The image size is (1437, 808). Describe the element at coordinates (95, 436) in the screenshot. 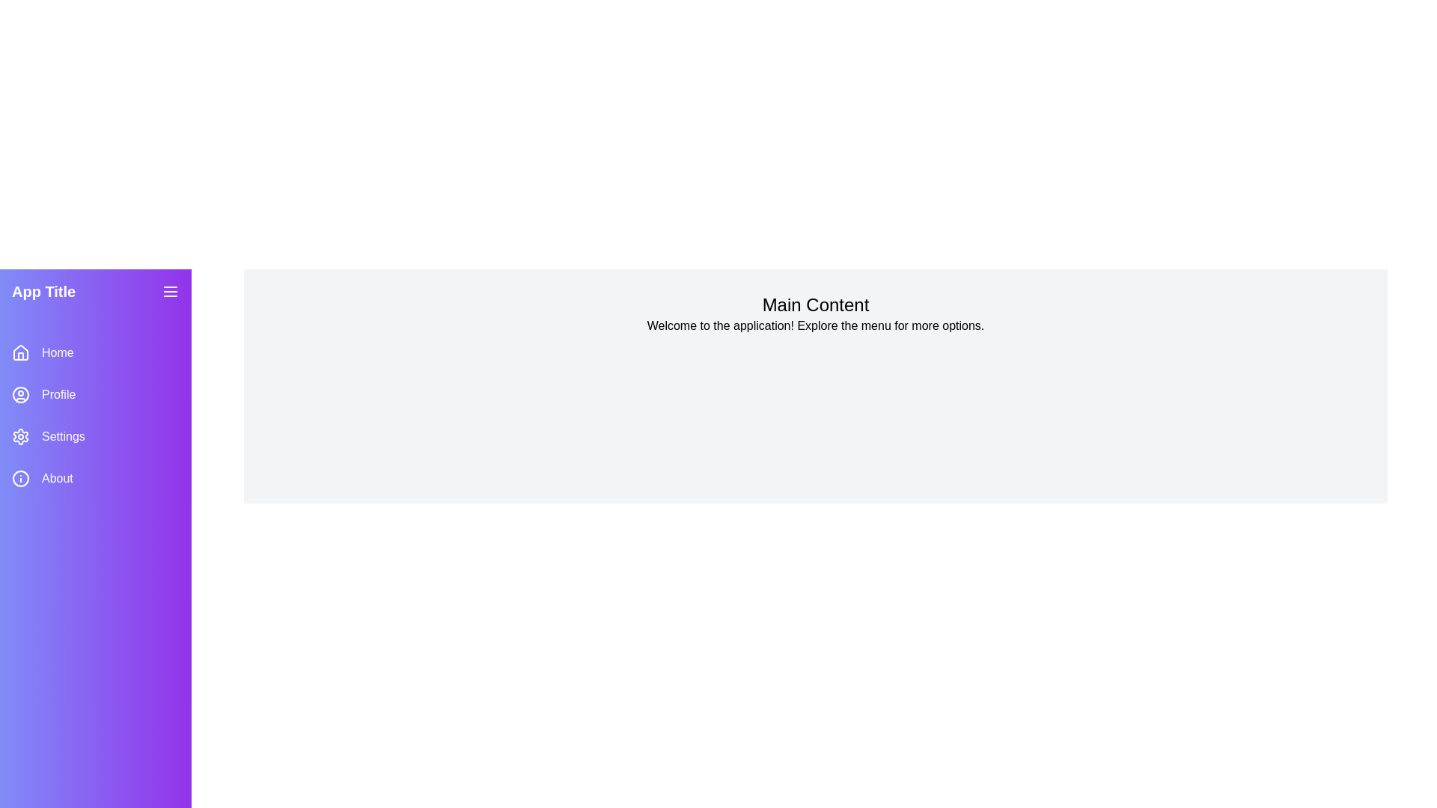

I see `the sidebar menu item labeled Settings` at that location.